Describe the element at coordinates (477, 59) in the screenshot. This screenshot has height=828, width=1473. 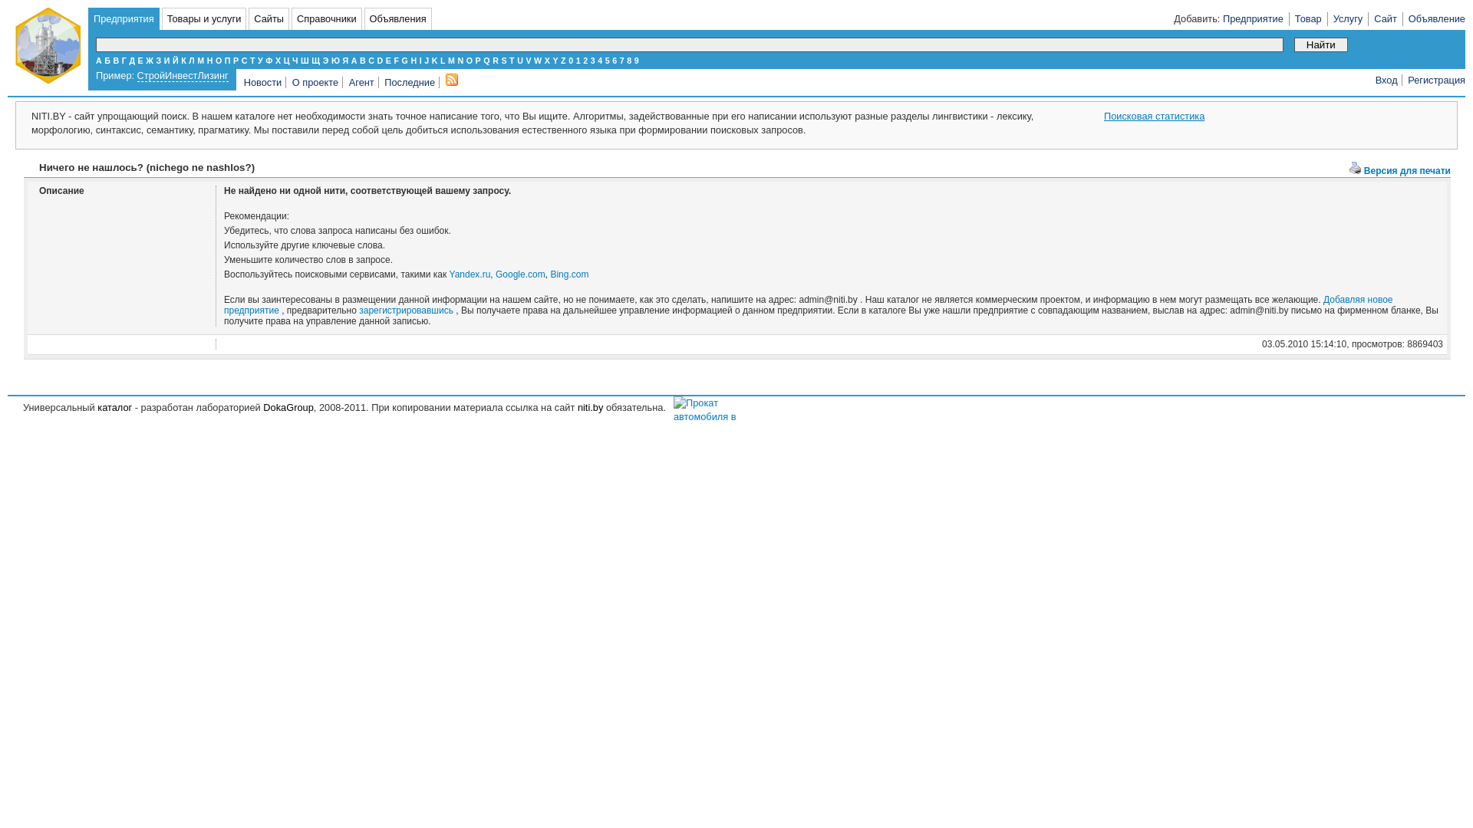
I see `'P'` at that location.